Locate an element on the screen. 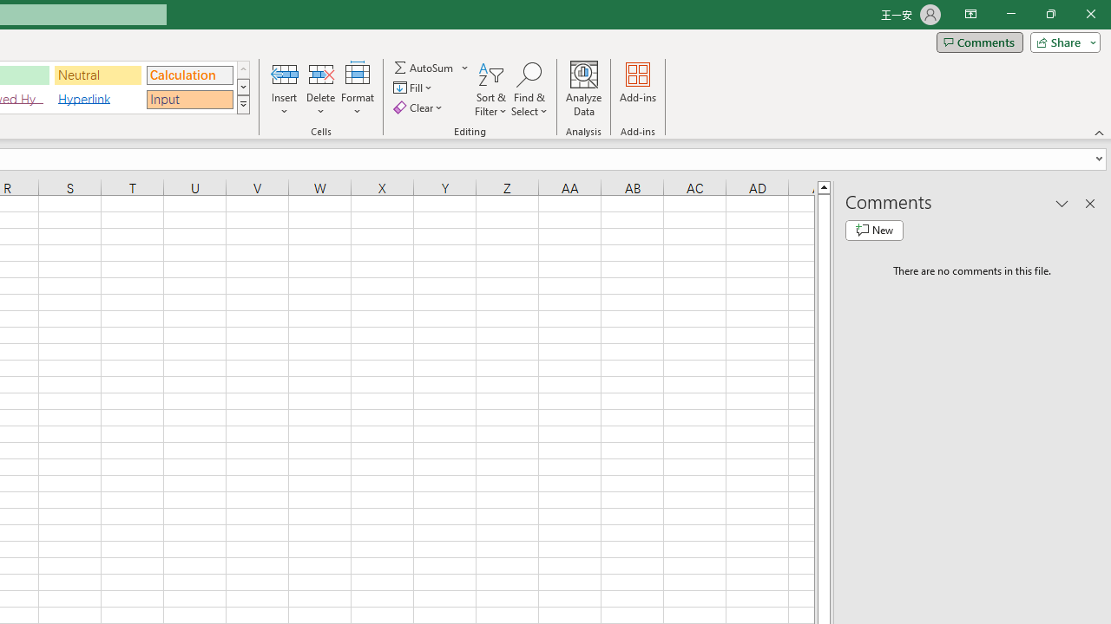 This screenshot has height=624, width=1111. 'Class: NetUIImage' is located at coordinates (242, 104).